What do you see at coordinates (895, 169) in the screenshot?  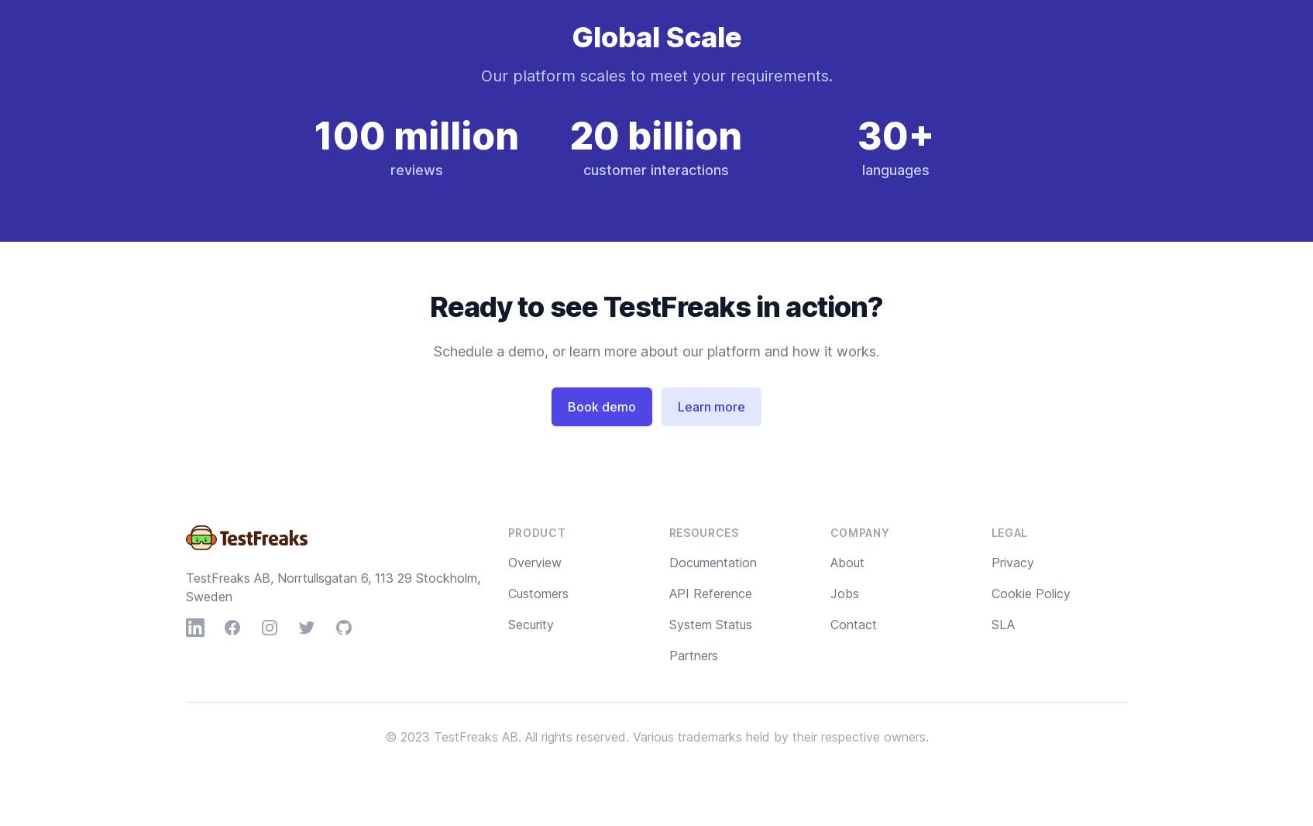 I see `'languages'` at bounding box center [895, 169].